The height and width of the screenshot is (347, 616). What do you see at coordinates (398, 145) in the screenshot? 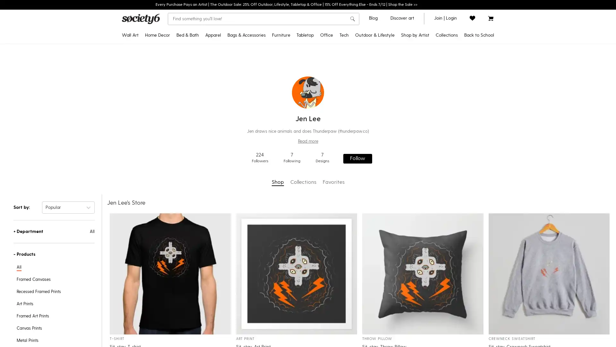
I see `Shop by Artist` at bounding box center [398, 145].